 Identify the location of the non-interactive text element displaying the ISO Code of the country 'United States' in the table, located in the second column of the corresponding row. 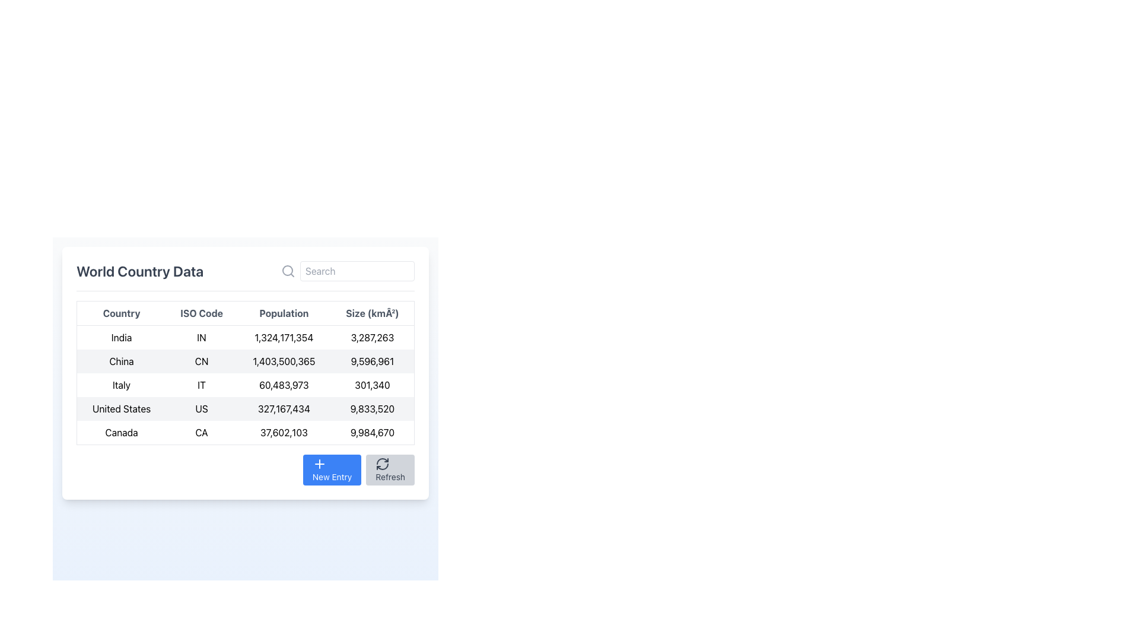
(202, 408).